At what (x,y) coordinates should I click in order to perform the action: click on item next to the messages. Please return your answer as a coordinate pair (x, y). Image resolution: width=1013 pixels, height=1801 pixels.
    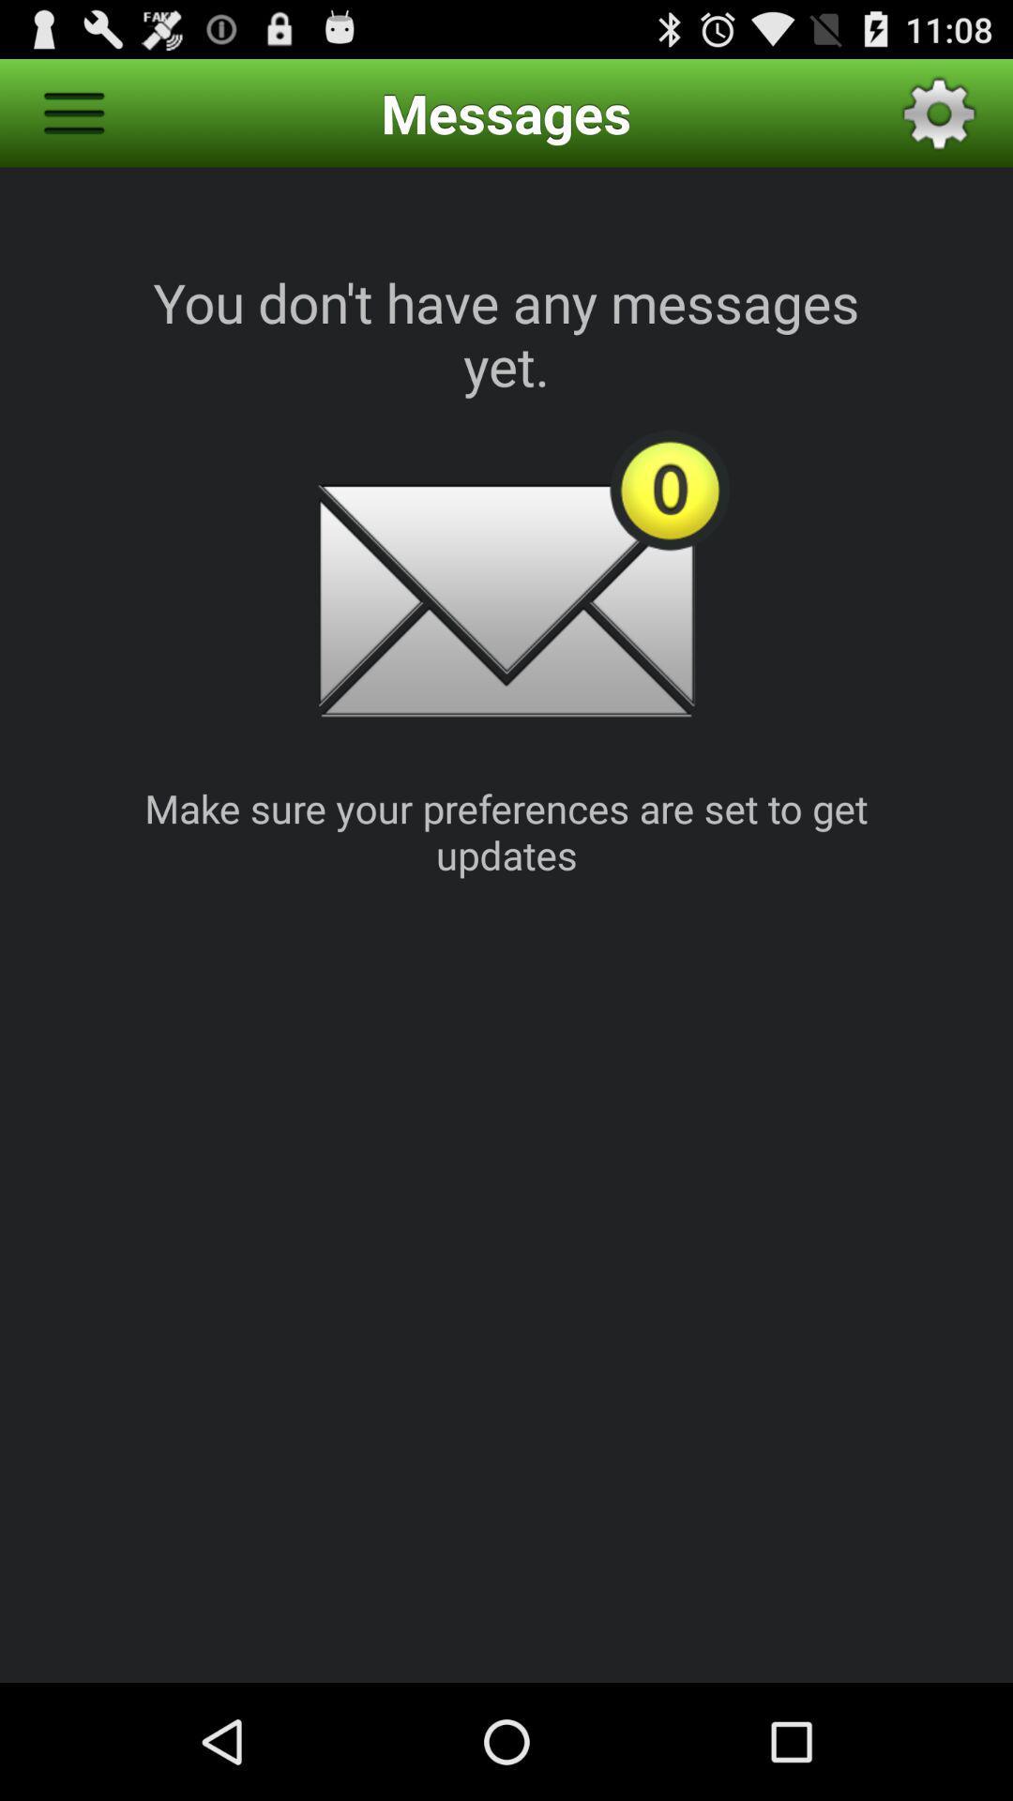
    Looking at the image, I should click on (72, 112).